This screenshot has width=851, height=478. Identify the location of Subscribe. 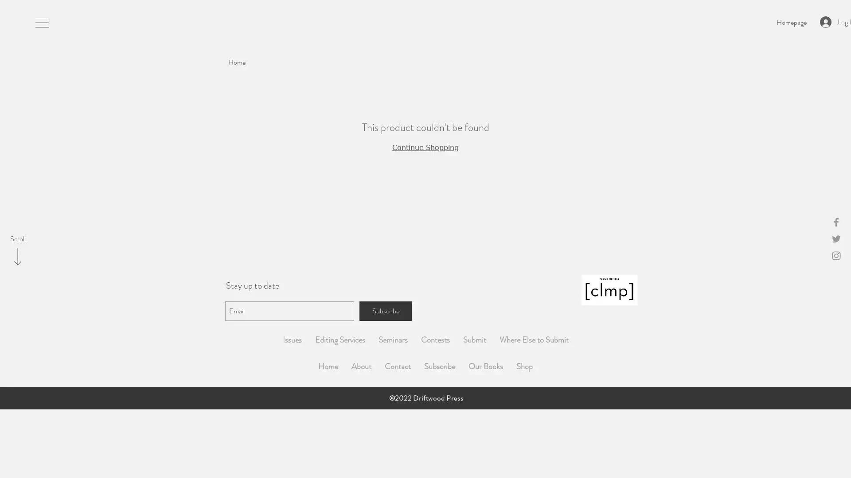
(385, 310).